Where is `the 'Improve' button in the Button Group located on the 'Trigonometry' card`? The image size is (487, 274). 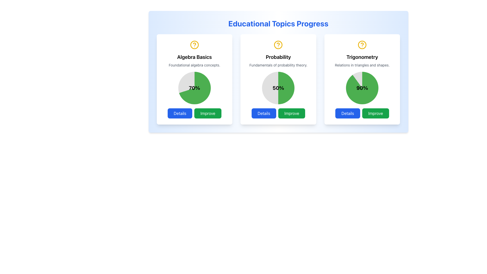 the 'Improve' button in the Button Group located on the 'Trigonometry' card is located at coordinates (362, 113).